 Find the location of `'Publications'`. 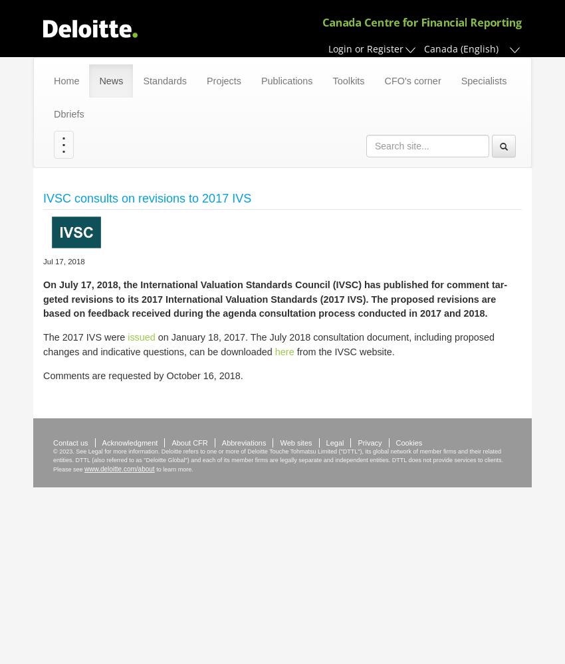

'Publications' is located at coordinates (286, 80).